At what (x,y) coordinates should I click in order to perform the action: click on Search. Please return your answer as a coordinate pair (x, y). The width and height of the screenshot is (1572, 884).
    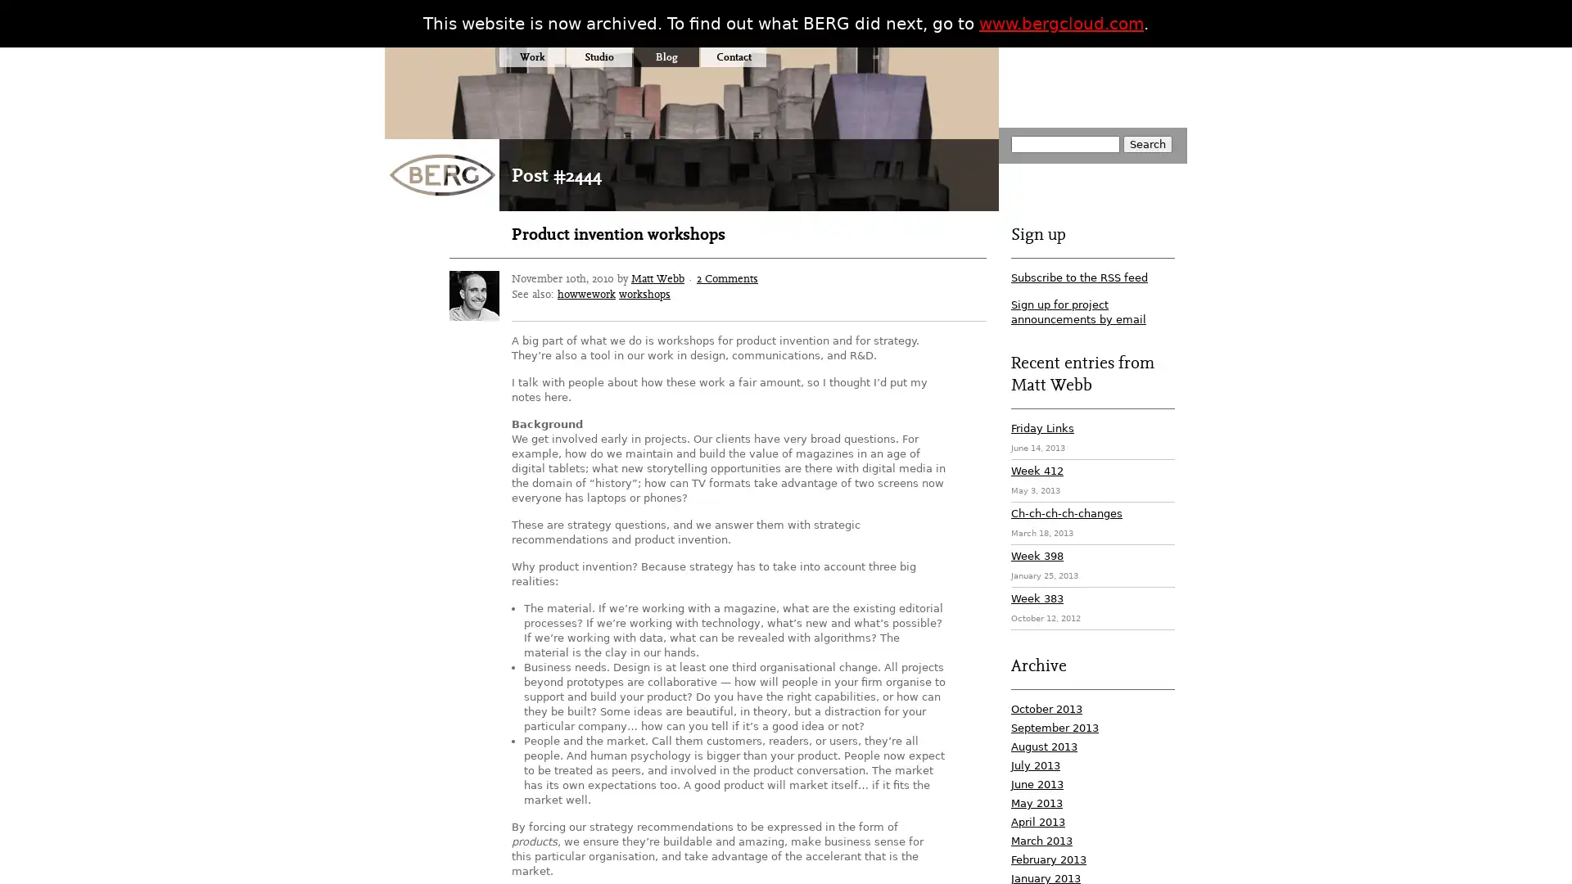
    Looking at the image, I should click on (1146, 143).